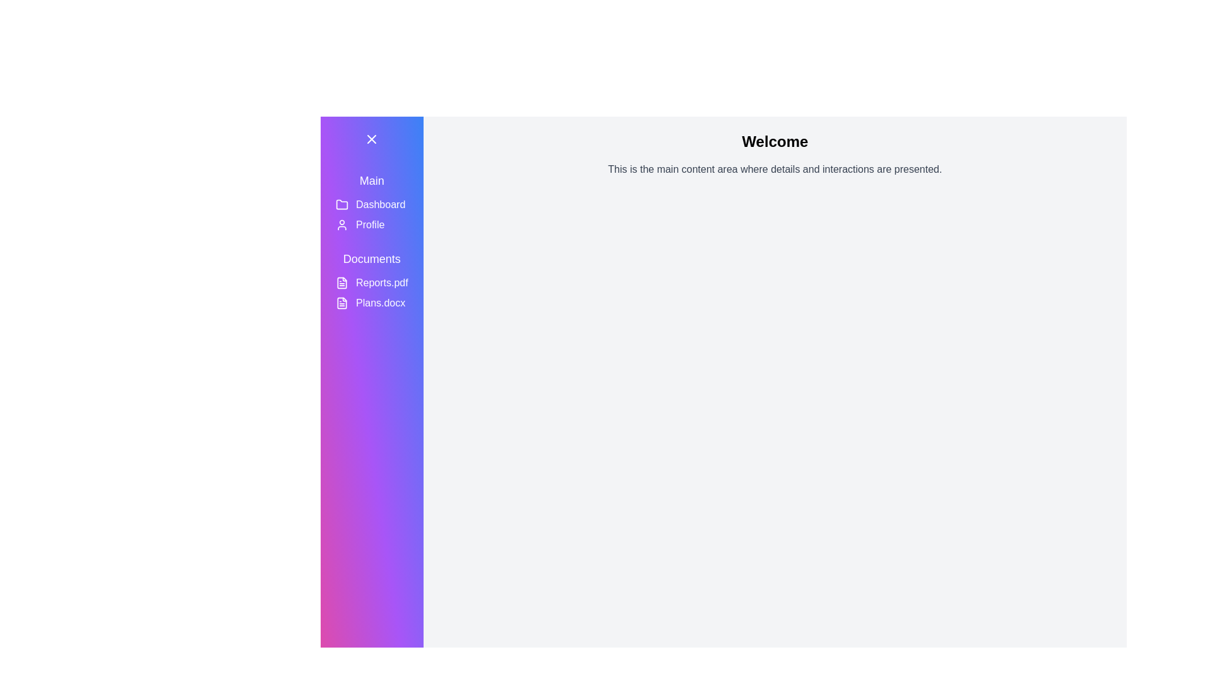  What do you see at coordinates (371, 204) in the screenshot?
I see `the 'Dashboard' navigation button located in the sidebar, which displays a folder icon and is styled with rounded corners` at bounding box center [371, 204].